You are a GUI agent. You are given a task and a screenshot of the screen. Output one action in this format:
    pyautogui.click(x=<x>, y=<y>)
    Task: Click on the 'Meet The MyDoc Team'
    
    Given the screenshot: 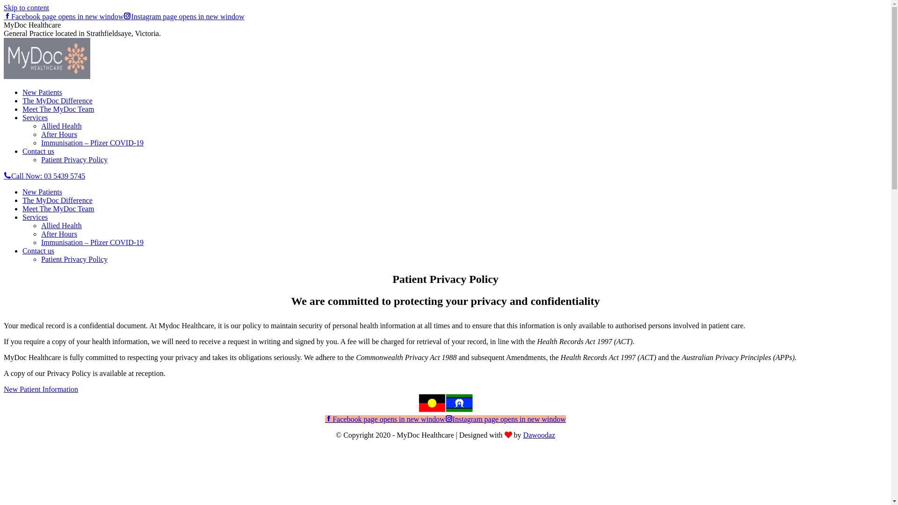 What is the action you would take?
    pyautogui.click(x=58, y=208)
    